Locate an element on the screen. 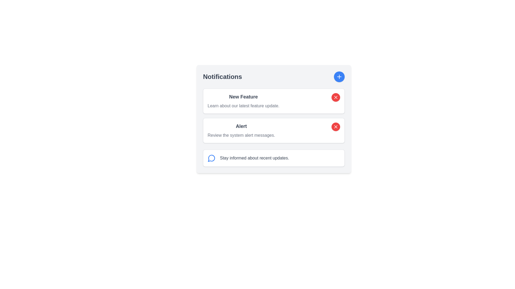 The height and width of the screenshot is (289, 515). the text block displaying 'New Feature', which is styled in bold and larger font size, positioned on the left side of a card element is located at coordinates (243, 97).